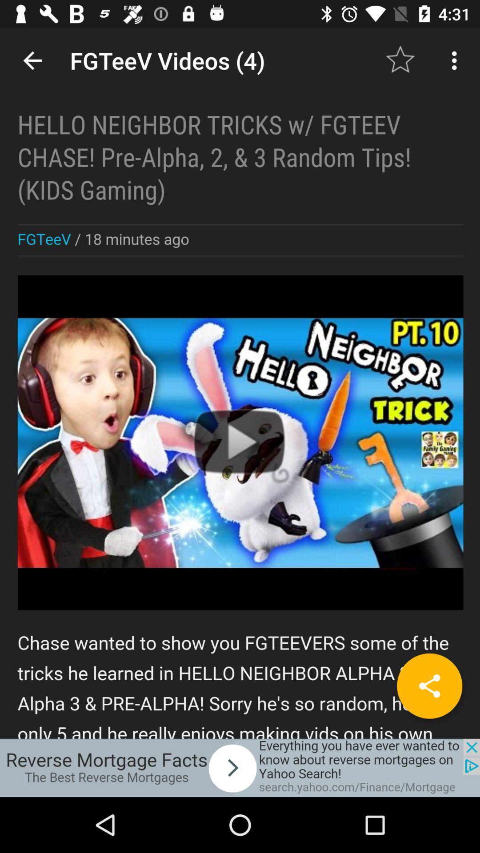 The height and width of the screenshot is (853, 480). I want to click on share on social media, so click(429, 686).